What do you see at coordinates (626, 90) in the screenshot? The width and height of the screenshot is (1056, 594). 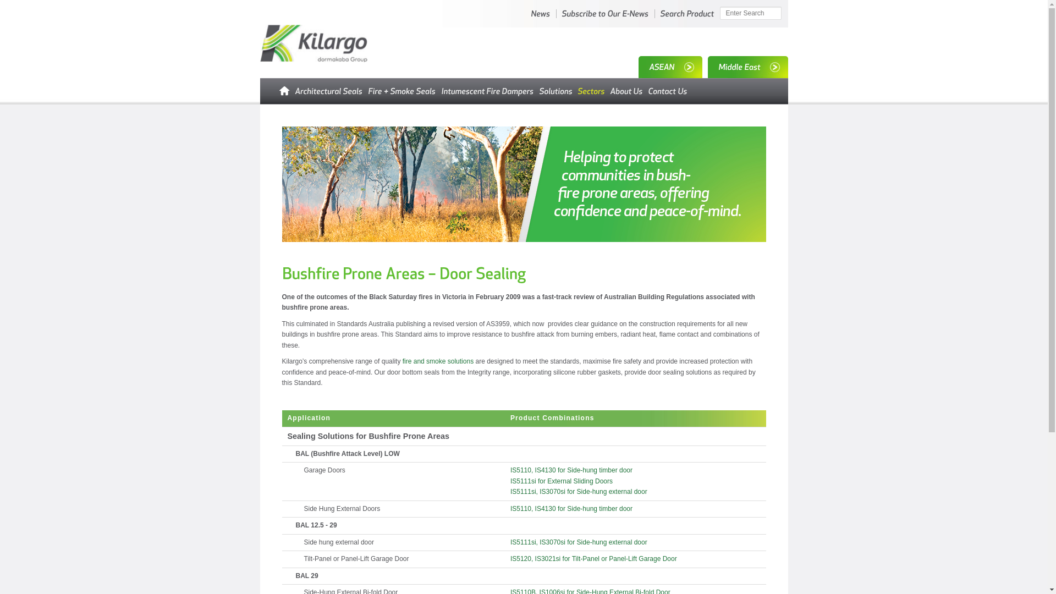 I see `'About Kilargo'` at bounding box center [626, 90].